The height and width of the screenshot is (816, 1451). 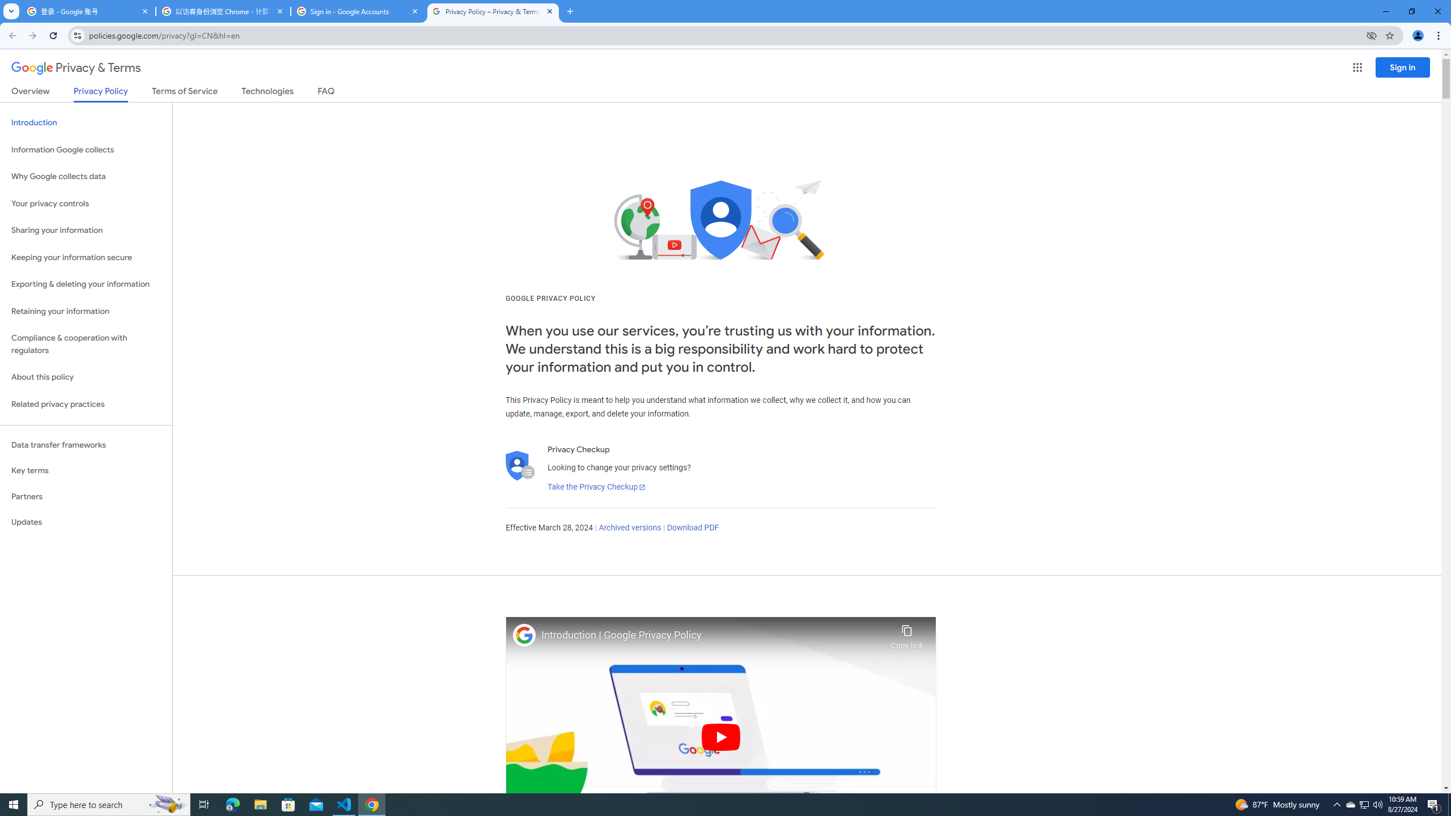 I want to click on 'Information Google collects', so click(x=86, y=150).